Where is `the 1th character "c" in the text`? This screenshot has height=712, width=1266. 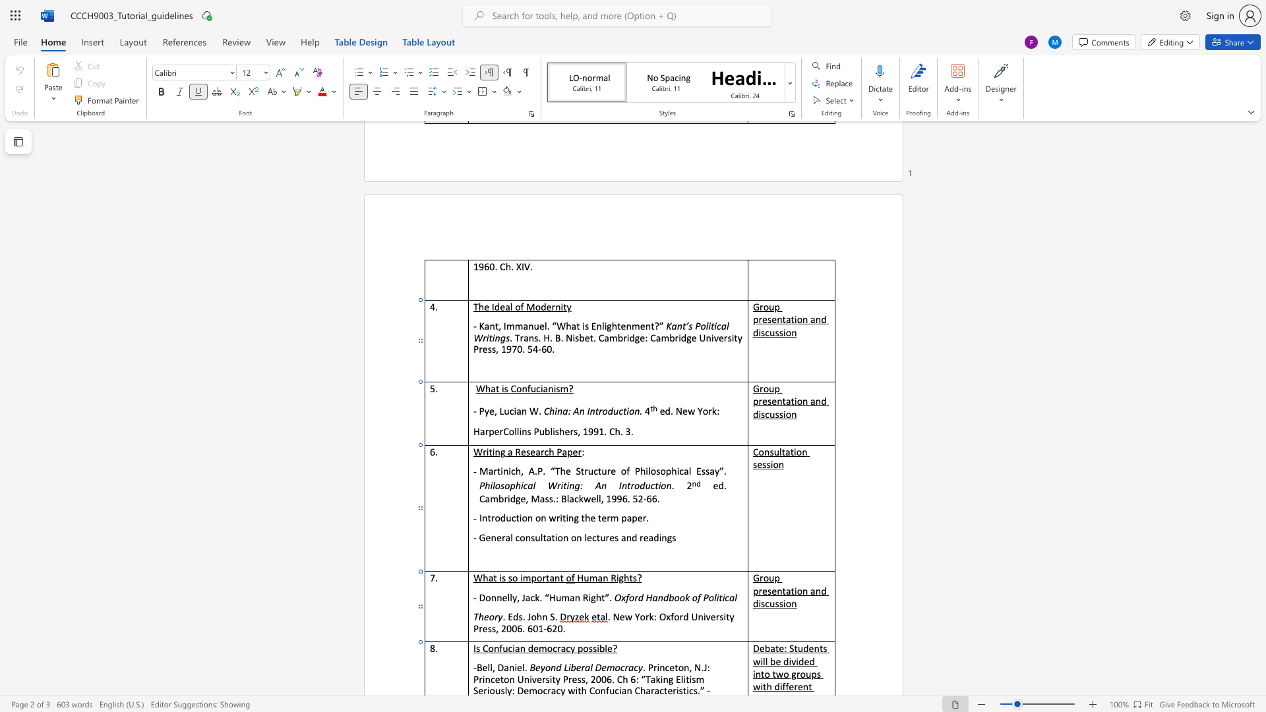 the 1th character "c" in the text is located at coordinates (726, 597).